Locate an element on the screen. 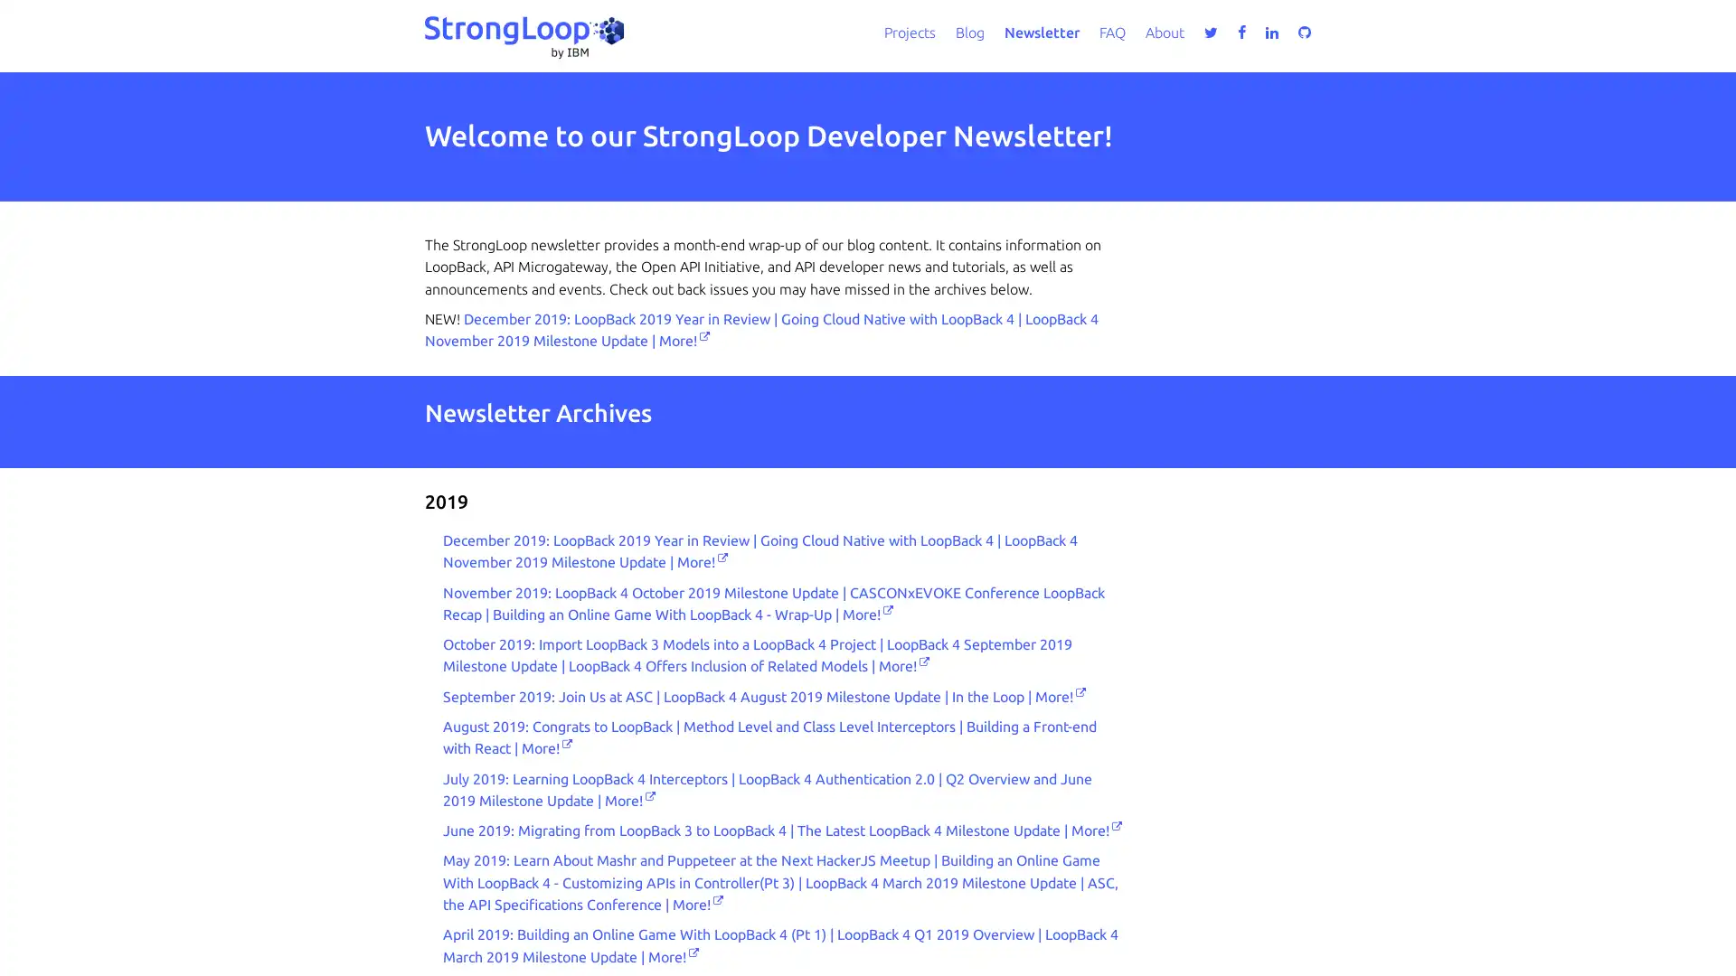 The height and width of the screenshot is (976, 1736). close icon is located at coordinates (1722, 839).